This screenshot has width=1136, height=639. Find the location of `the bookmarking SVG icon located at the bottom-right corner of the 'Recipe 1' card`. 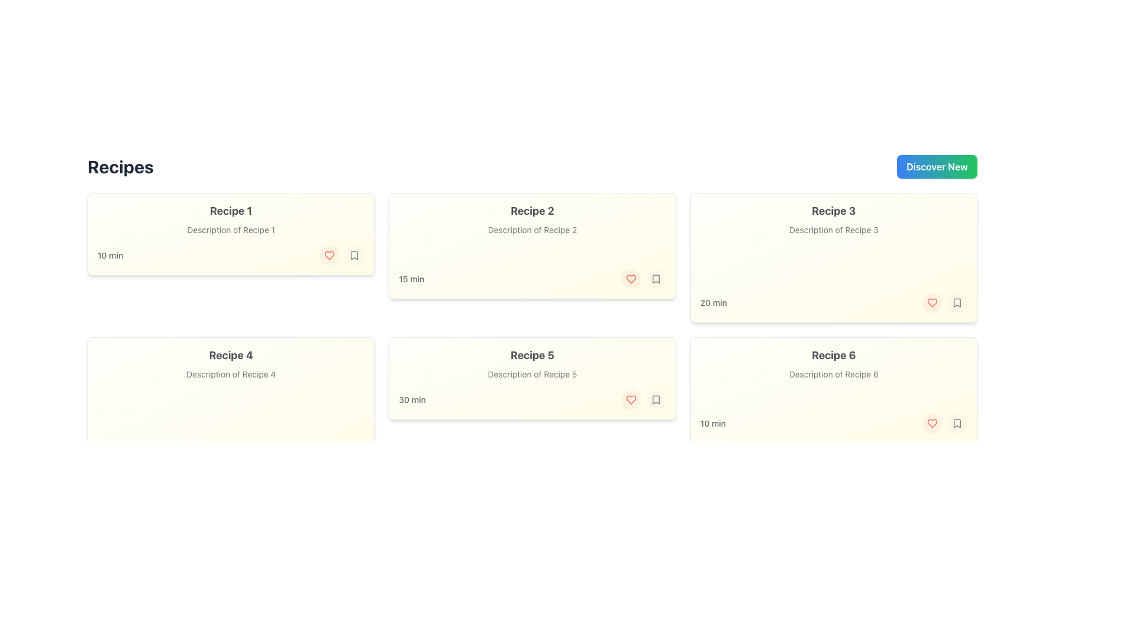

the bookmarking SVG icon located at the bottom-right corner of the 'Recipe 1' card is located at coordinates (354, 255).